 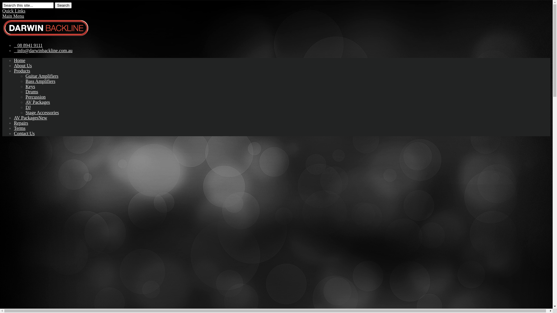 What do you see at coordinates (13, 16) in the screenshot?
I see `'Main Menu'` at bounding box center [13, 16].